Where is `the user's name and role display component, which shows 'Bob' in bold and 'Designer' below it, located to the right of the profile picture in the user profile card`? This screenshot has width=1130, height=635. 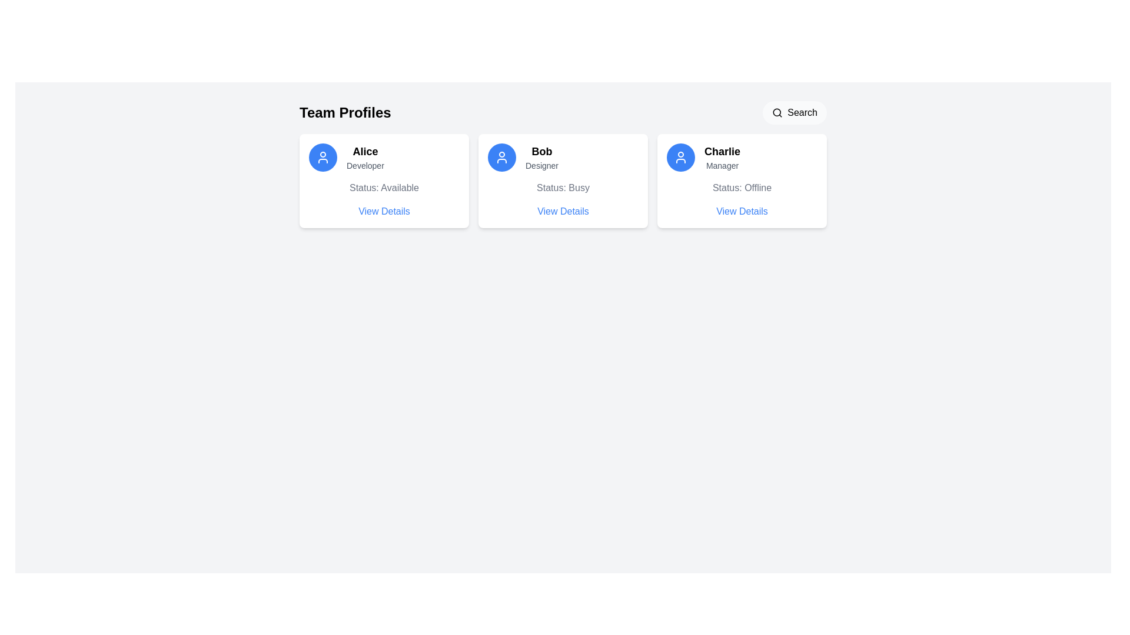
the user's name and role display component, which shows 'Bob' in bold and 'Designer' below it, located to the right of the profile picture in the user profile card is located at coordinates (562, 156).